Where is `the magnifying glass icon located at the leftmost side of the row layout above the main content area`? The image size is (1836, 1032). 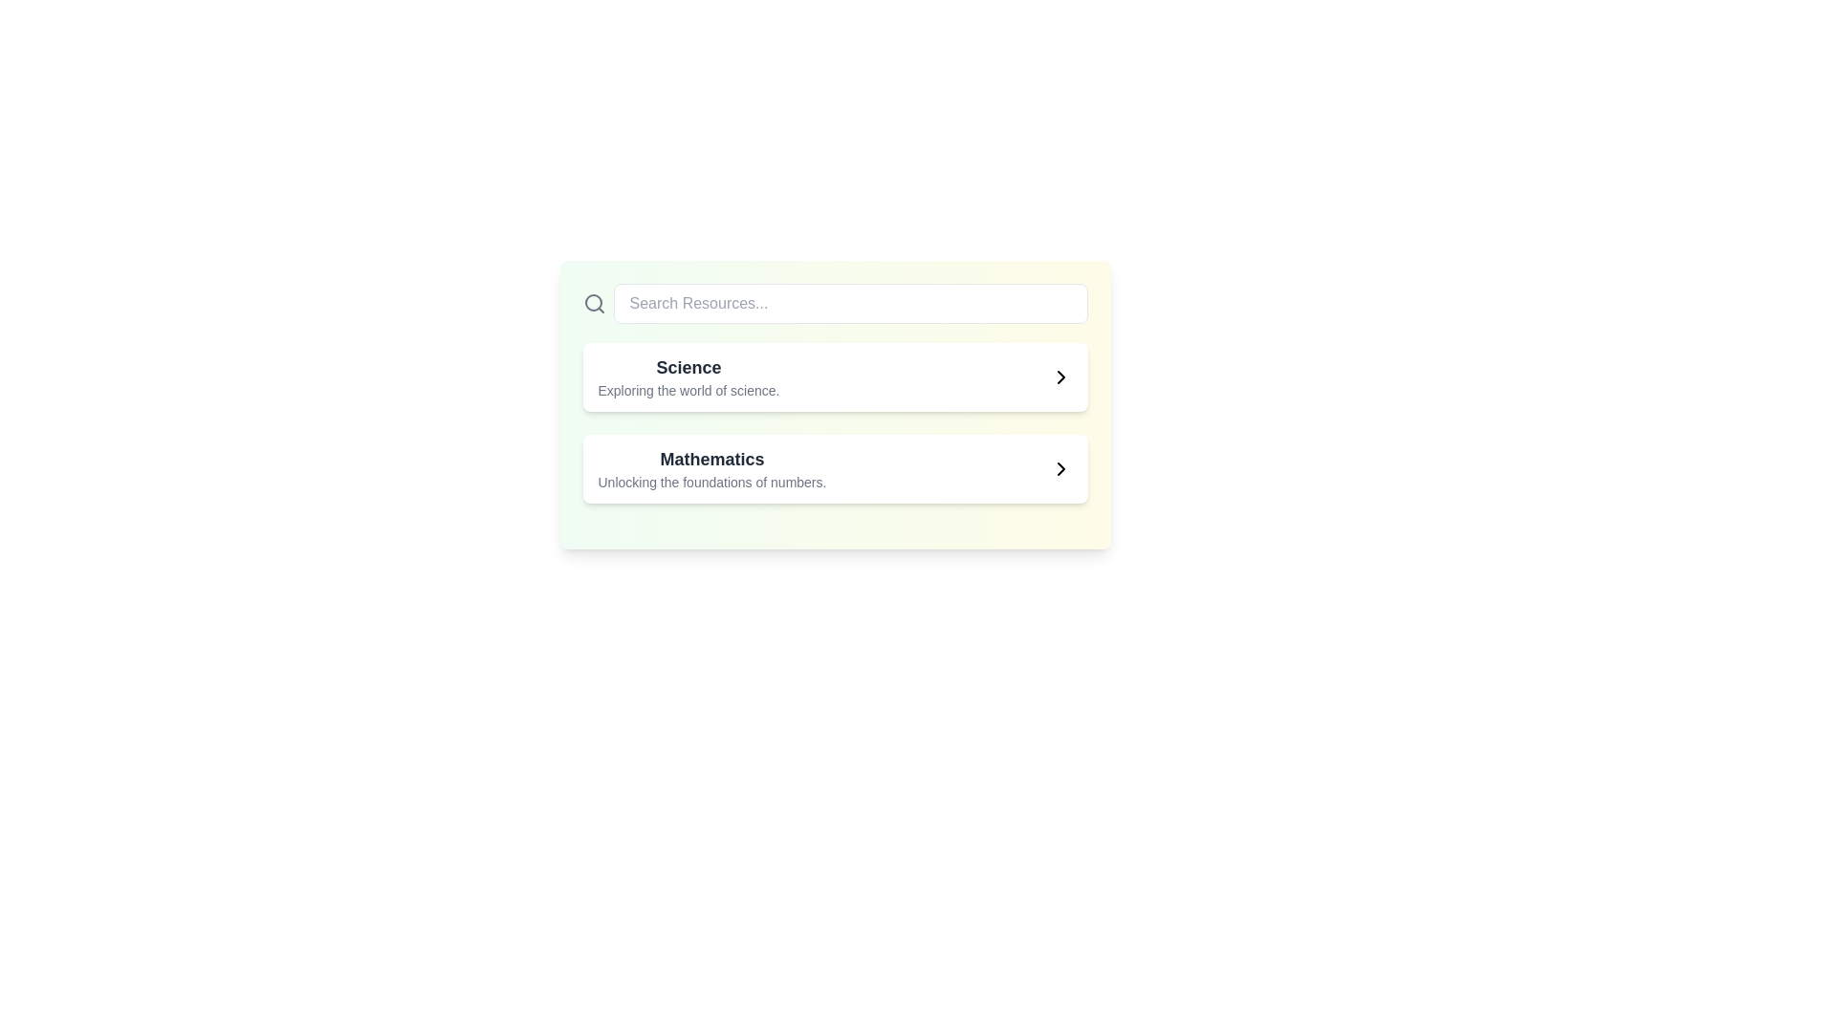 the magnifying glass icon located at the leftmost side of the row layout above the main content area is located at coordinates (593, 302).